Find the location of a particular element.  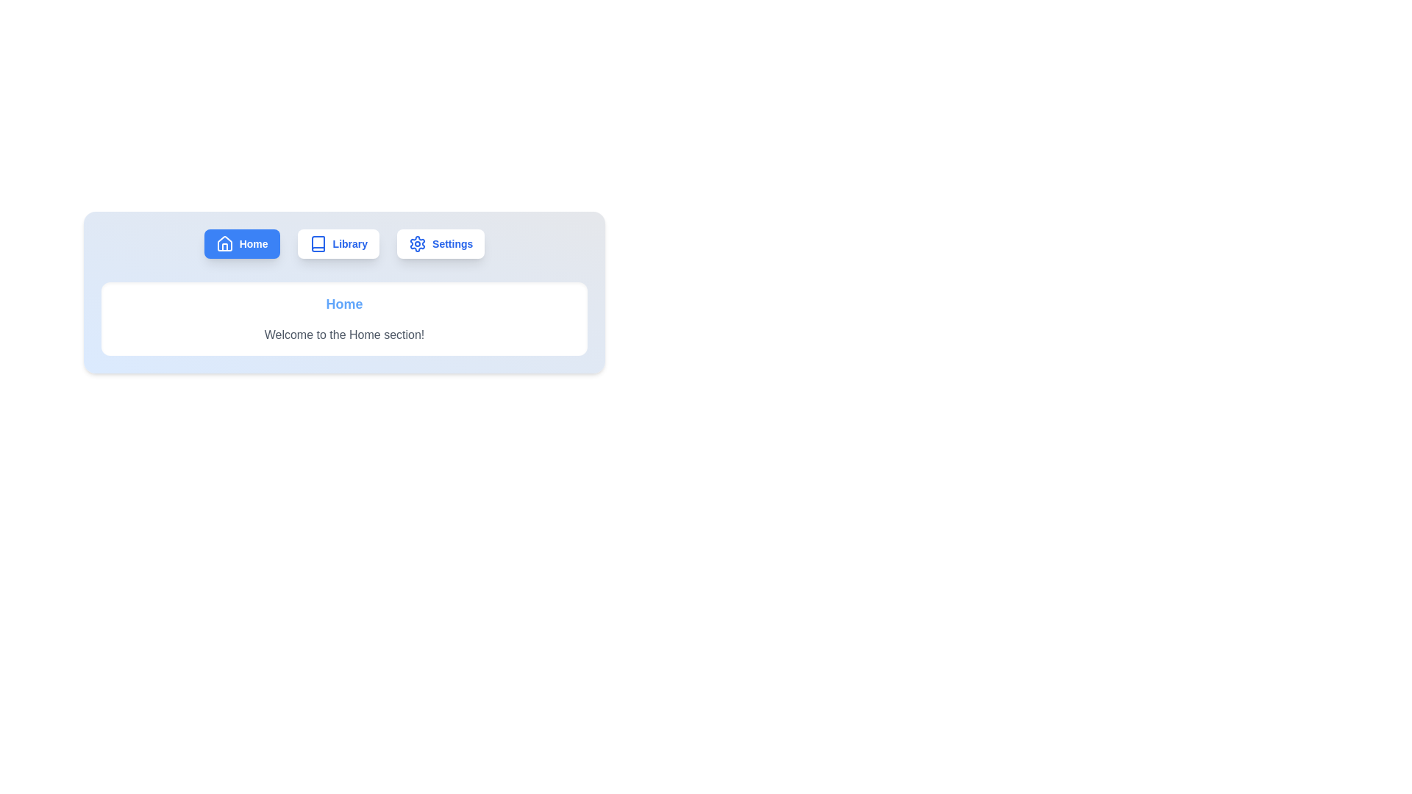

the Home tab is located at coordinates (242, 243).